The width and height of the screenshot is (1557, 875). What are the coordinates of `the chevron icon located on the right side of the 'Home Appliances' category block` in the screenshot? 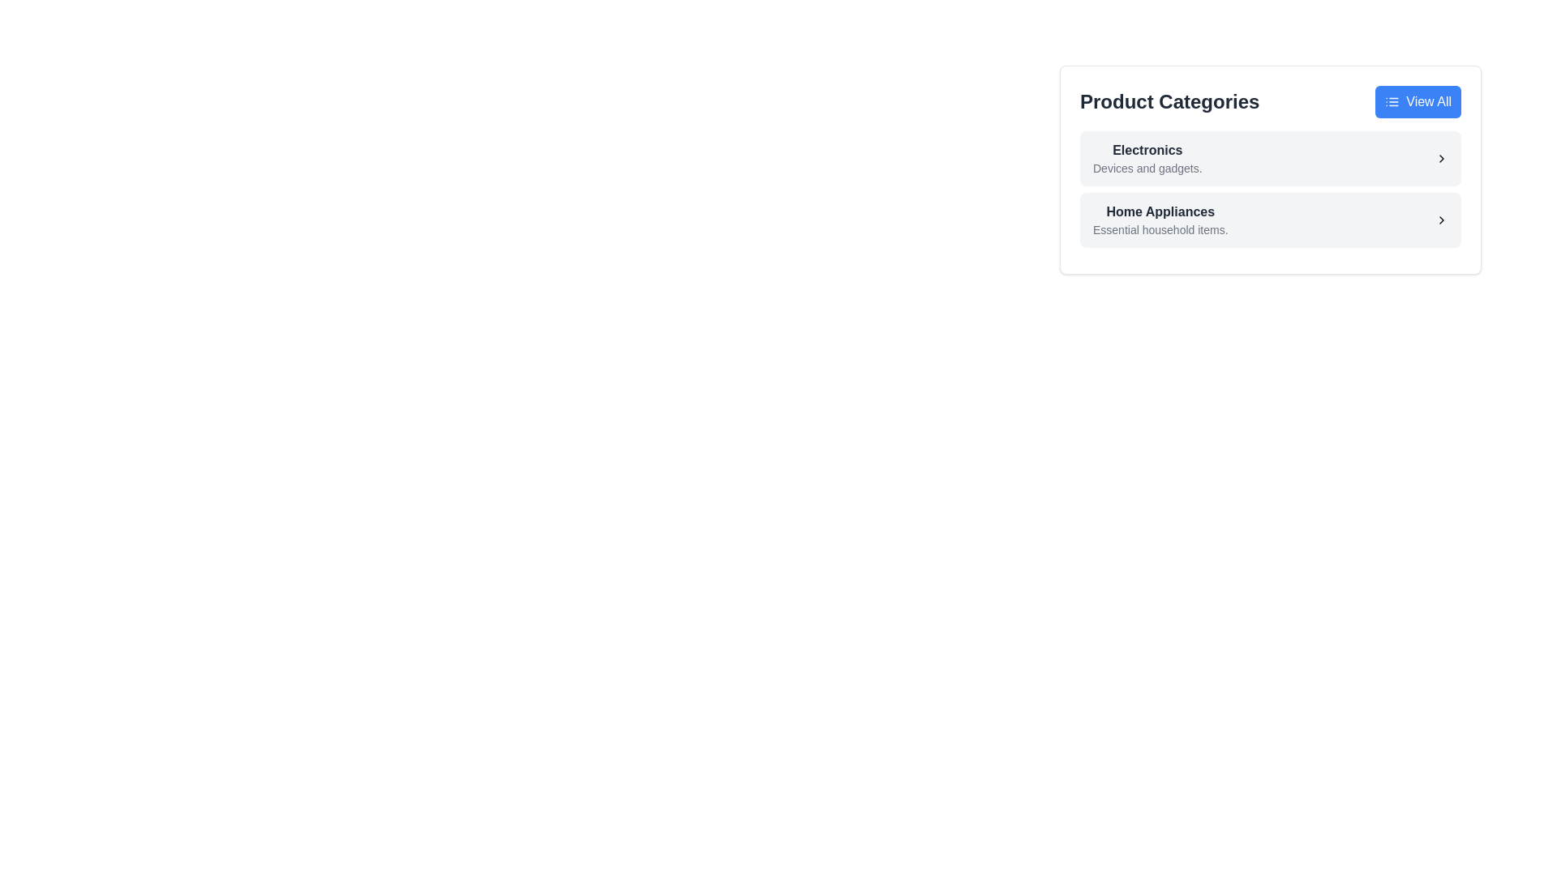 It's located at (1441, 220).